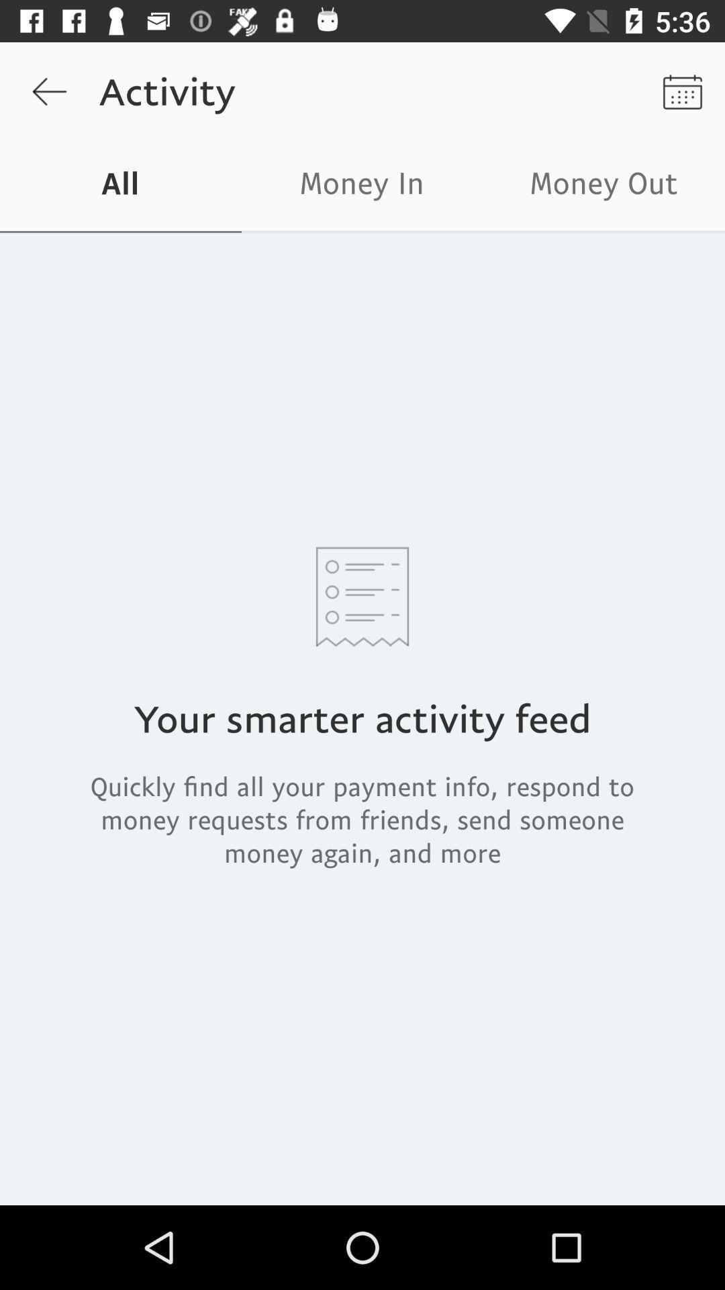 The height and width of the screenshot is (1290, 725). Describe the element at coordinates (48, 91) in the screenshot. I see `icon next to the activity` at that location.